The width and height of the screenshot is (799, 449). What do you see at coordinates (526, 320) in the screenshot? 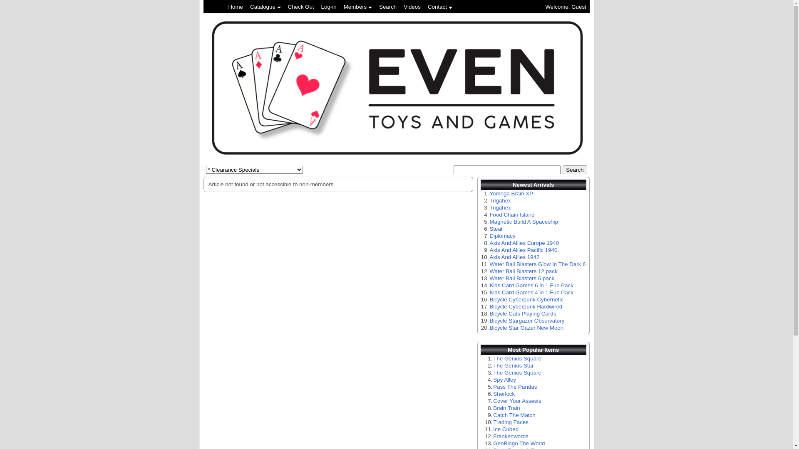
I see `'Bicycle Stargazer Observatory'` at bounding box center [526, 320].